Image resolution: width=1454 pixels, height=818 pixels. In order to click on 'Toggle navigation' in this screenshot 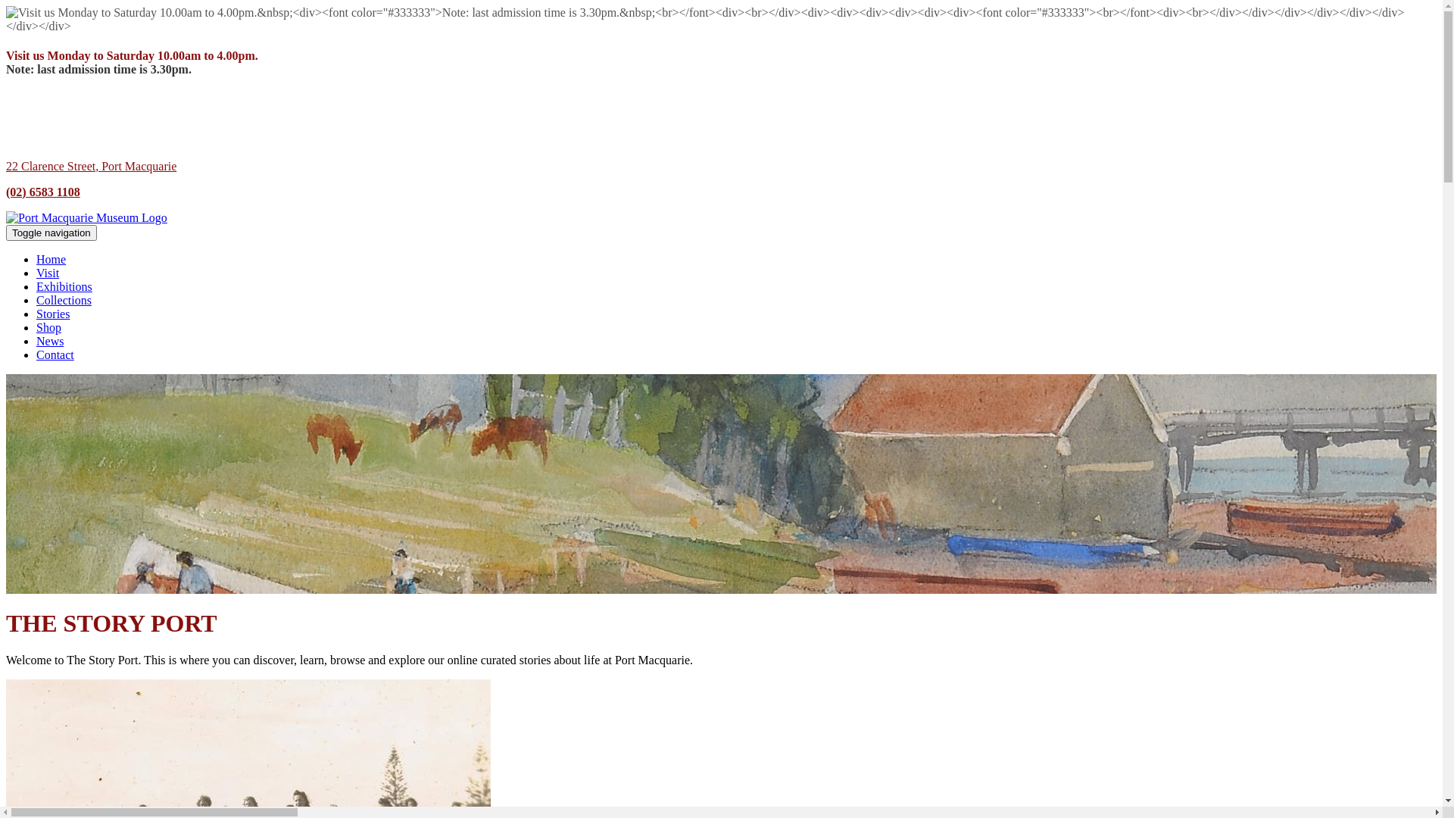, I will do `click(51, 233)`.